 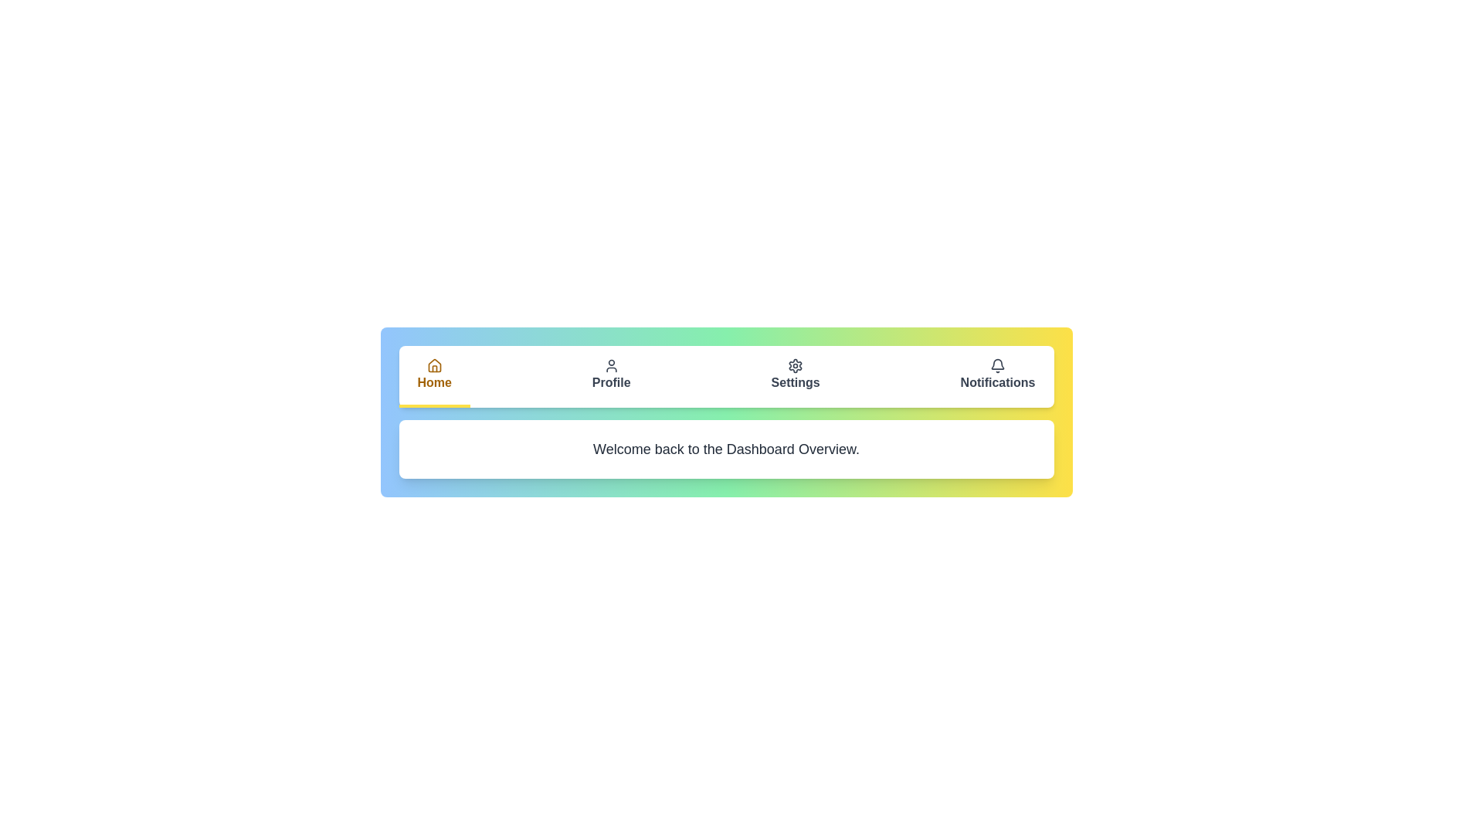 I want to click on the 'Notifications' text label, which is the last element in the navigation row, so click(x=997, y=382).